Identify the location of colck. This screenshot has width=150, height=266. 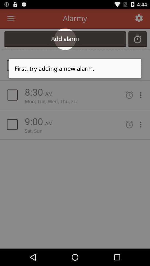
(137, 39).